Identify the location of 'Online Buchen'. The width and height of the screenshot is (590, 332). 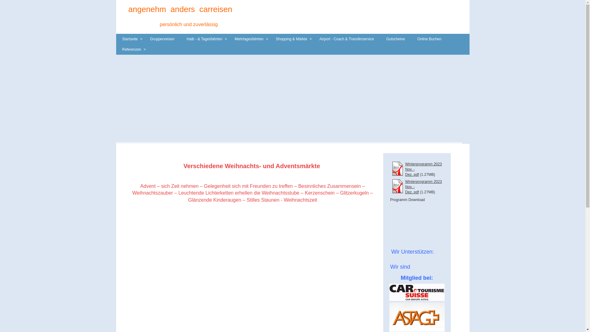
(429, 39).